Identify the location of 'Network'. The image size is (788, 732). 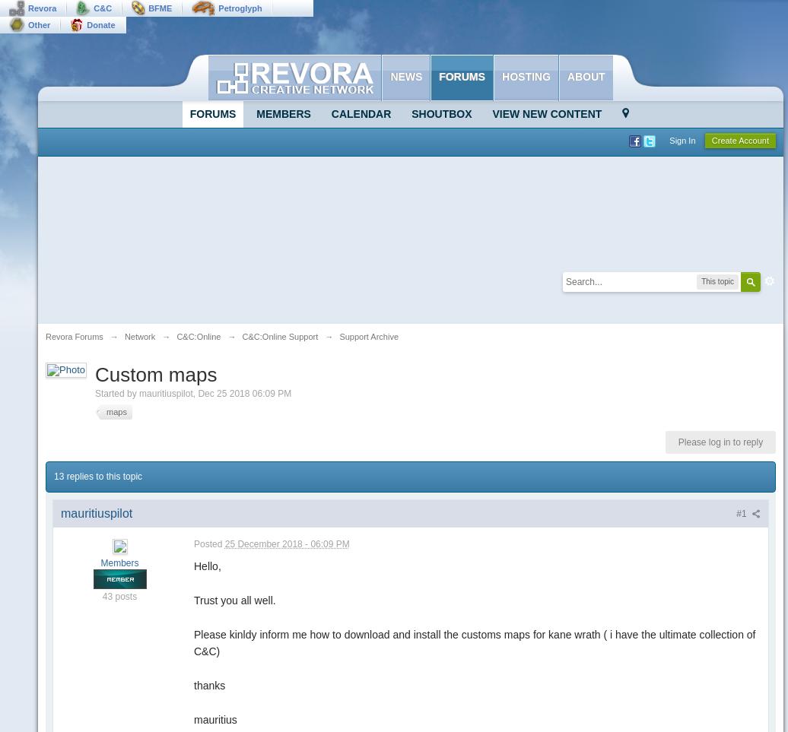
(139, 335).